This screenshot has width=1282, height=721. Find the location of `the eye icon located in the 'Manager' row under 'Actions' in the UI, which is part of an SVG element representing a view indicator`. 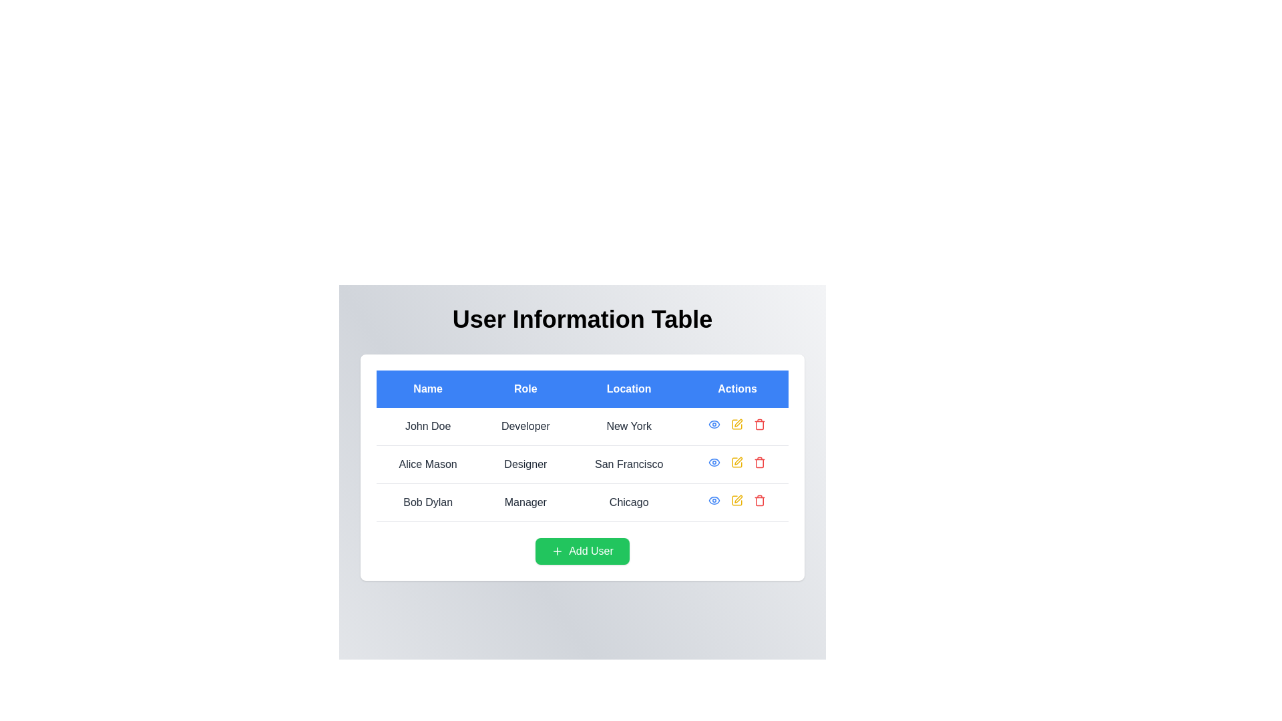

the eye icon located in the 'Manager' row under 'Actions' in the UI, which is part of an SVG element representing a view indicator is located at coordinates (714, 500).